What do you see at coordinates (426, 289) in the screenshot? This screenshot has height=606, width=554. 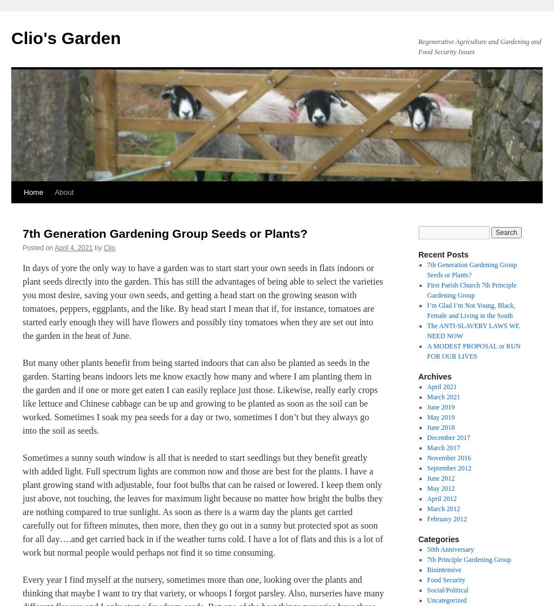 I see `'First Parish Church 7th Principle Gardening Group'` at bounding box center [426, 289].